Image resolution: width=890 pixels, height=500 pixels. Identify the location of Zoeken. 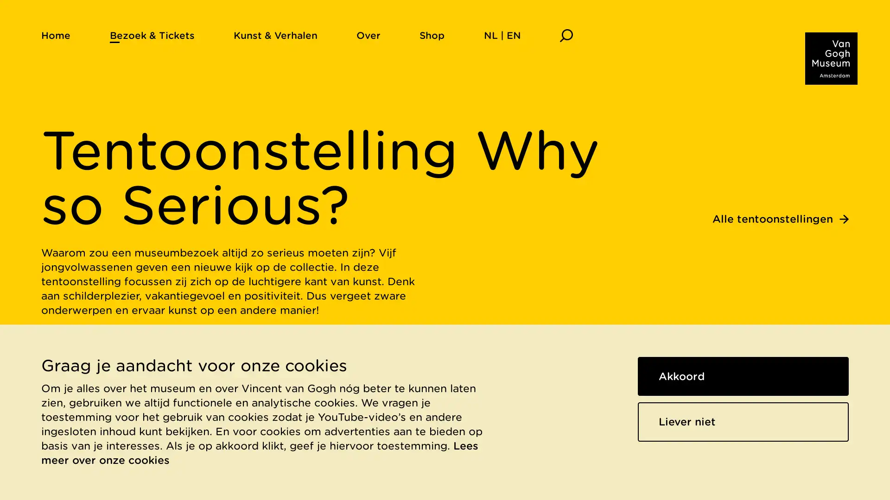
(566, 35).